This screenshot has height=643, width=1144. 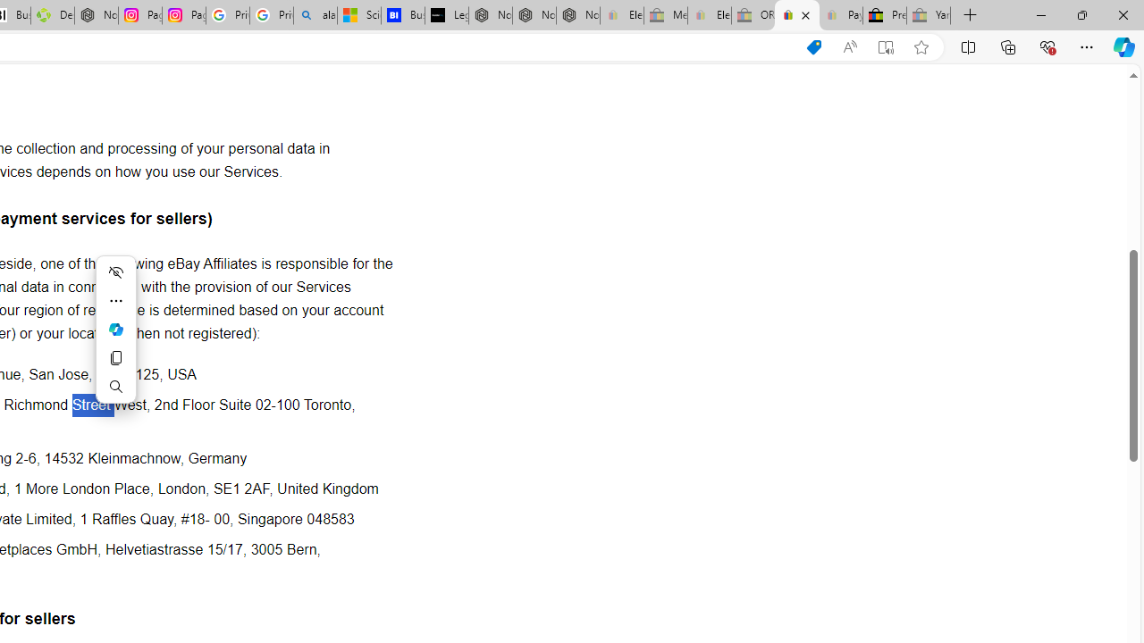 What do you see at coordinates (114, 358) in the screenshot?
I see `'Copy'` at bounding box center [114, 358].